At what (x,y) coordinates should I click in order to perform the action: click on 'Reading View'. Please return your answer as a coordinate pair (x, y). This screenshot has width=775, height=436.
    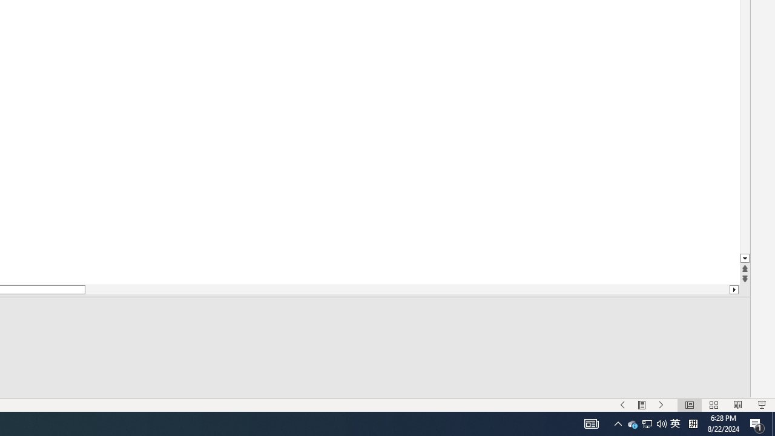
    Looking at the image, I should click on (737, 405).